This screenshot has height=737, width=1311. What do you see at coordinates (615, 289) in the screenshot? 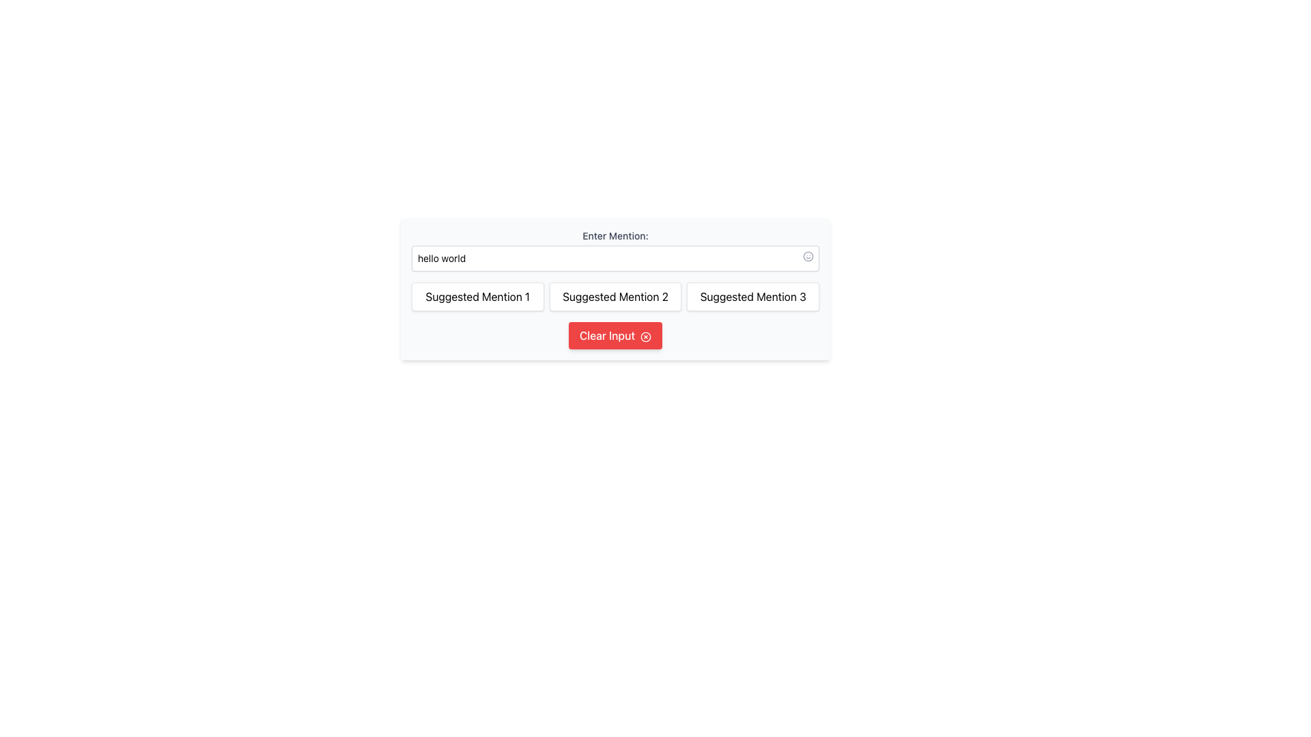
I see `the middle button representing 'Suggested Mention 2'` at bounding box center [615, 289].